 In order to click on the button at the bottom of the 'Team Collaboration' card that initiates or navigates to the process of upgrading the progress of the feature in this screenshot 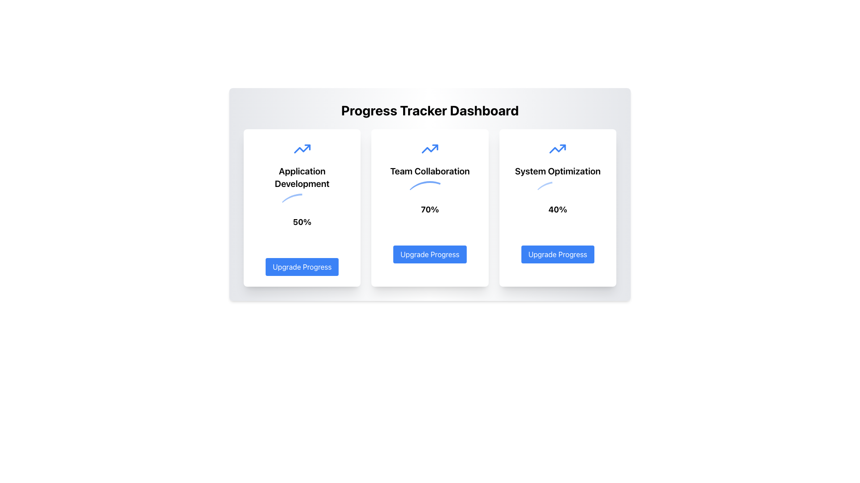, I will do `click(430, 254)`.